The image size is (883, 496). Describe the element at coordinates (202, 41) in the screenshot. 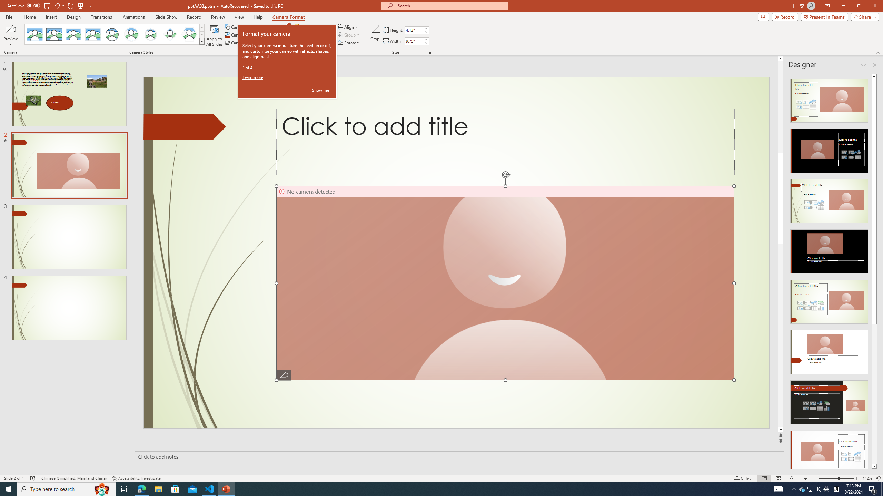

I see `'Camera Styles'` at that location.